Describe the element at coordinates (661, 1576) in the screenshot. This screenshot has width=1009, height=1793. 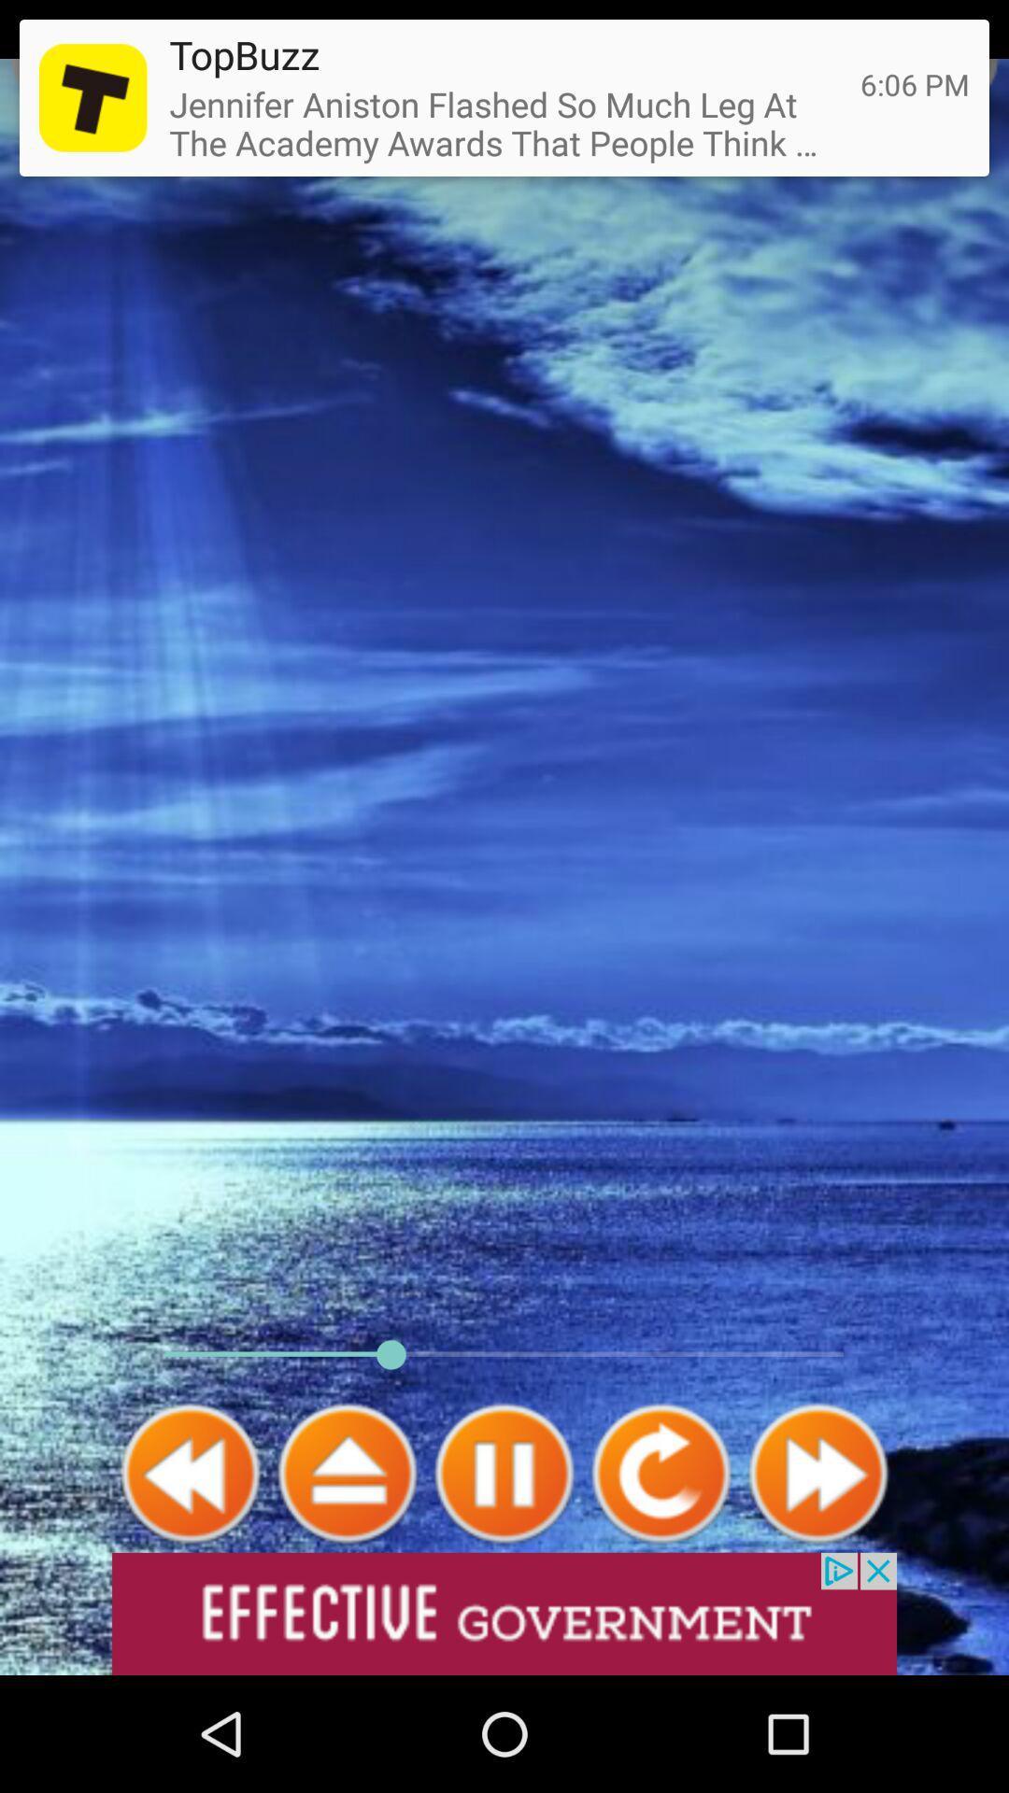
I see `the refresh icon` at that location.